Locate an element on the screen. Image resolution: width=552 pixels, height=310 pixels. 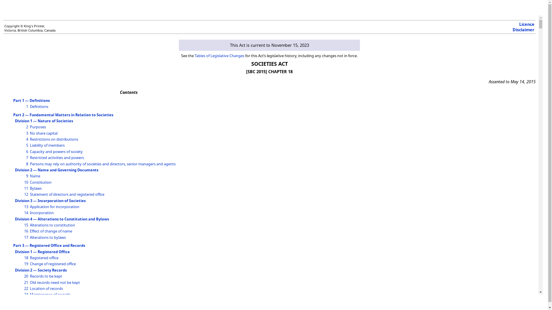
'4' is located at coordinates (27, 139).